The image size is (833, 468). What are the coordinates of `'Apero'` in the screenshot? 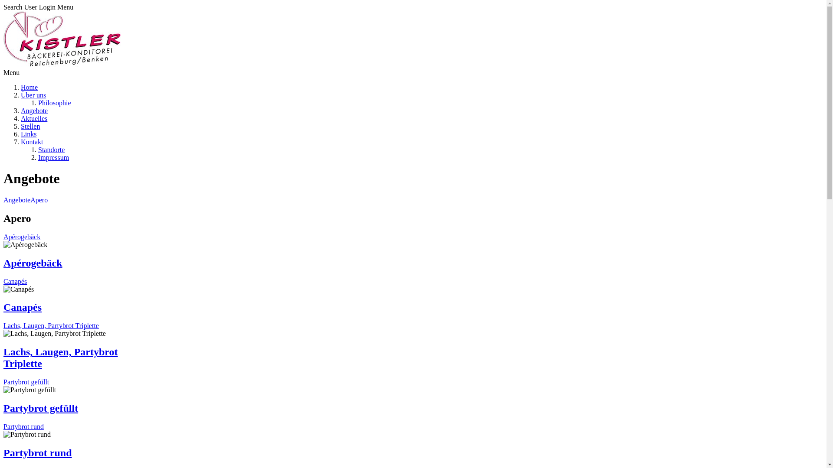 It's located at (30, 200).